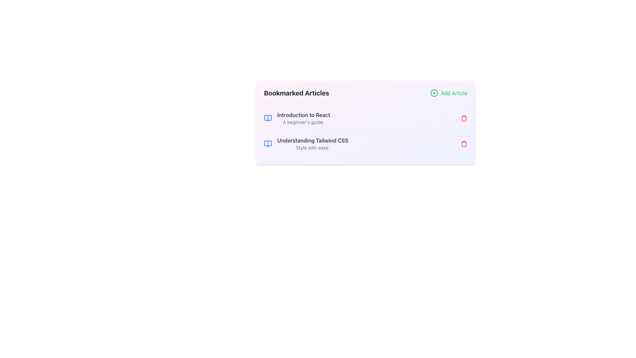  Describe the element at coordinates (464, 144) in the screenshot. I see `the delete button icon located on the far right side of the section displaying the article 'Understanding Tailwind CSS'` at that location.